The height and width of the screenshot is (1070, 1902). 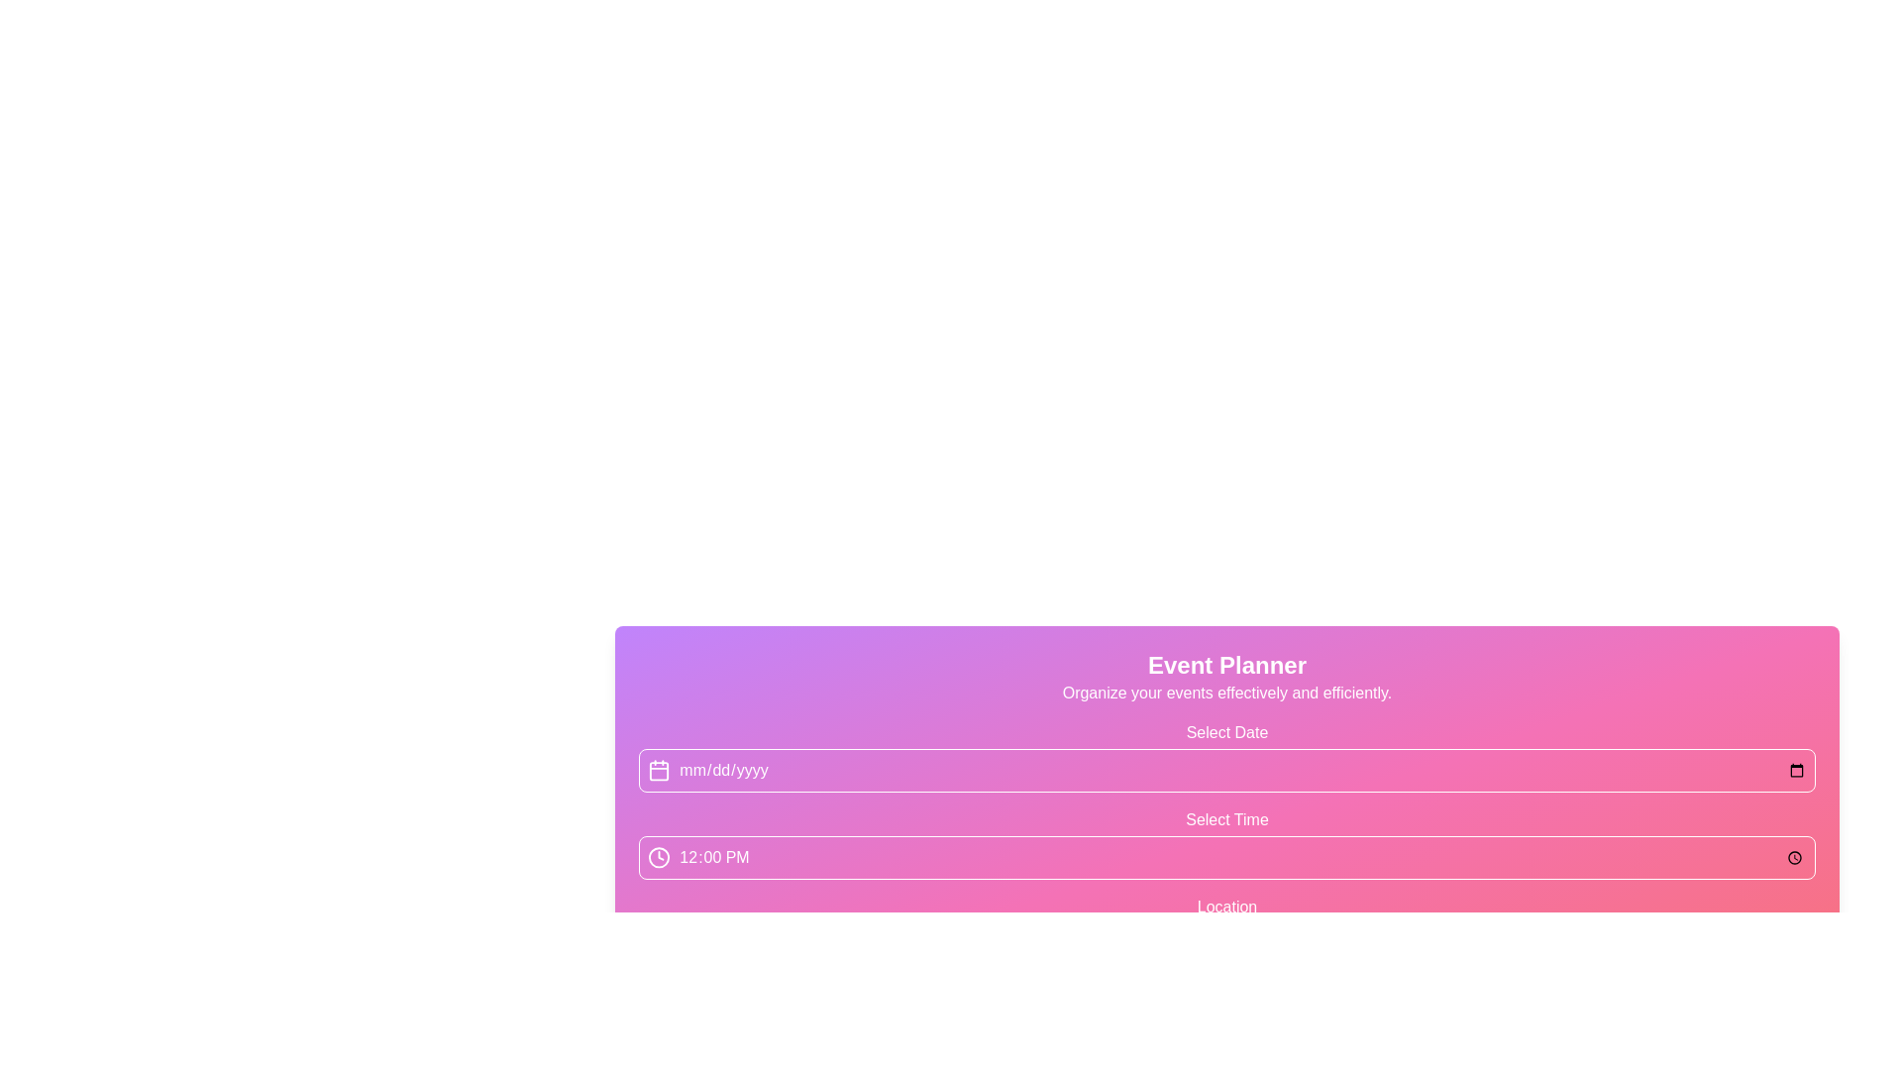 I want to click on the SVG Circle representing a clock face, which is part of the 'Select Time' row, positioned to the immediate left of the text '12:00 PM', so click(x=659, y=857).